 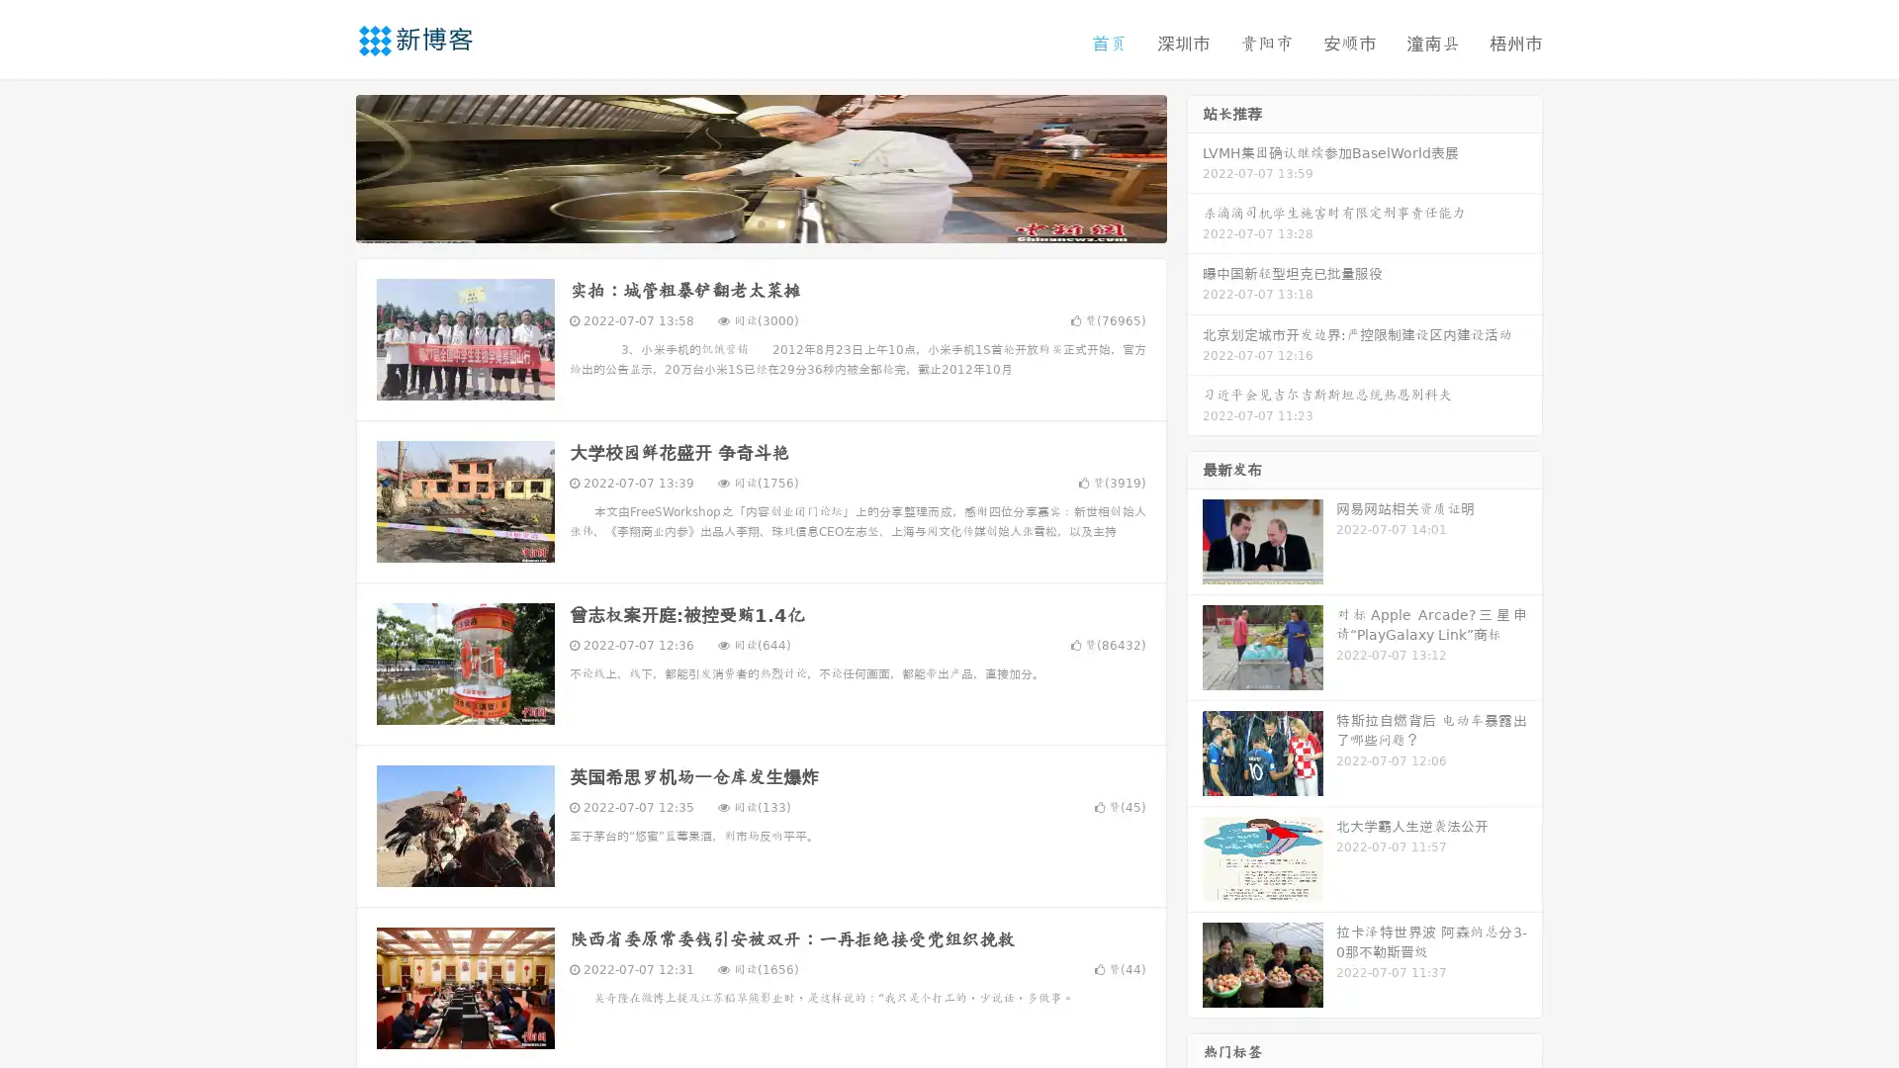 I want to click on Go to slide 3, so click(x=780, y=222).